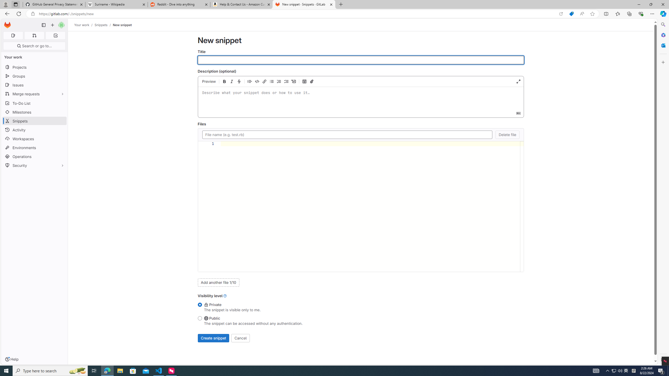 The width and height of the screenshot is (669, 376). Describe the element at coordinates (34, 94) in the screenshot. I see `'Merge requests'` at that location.